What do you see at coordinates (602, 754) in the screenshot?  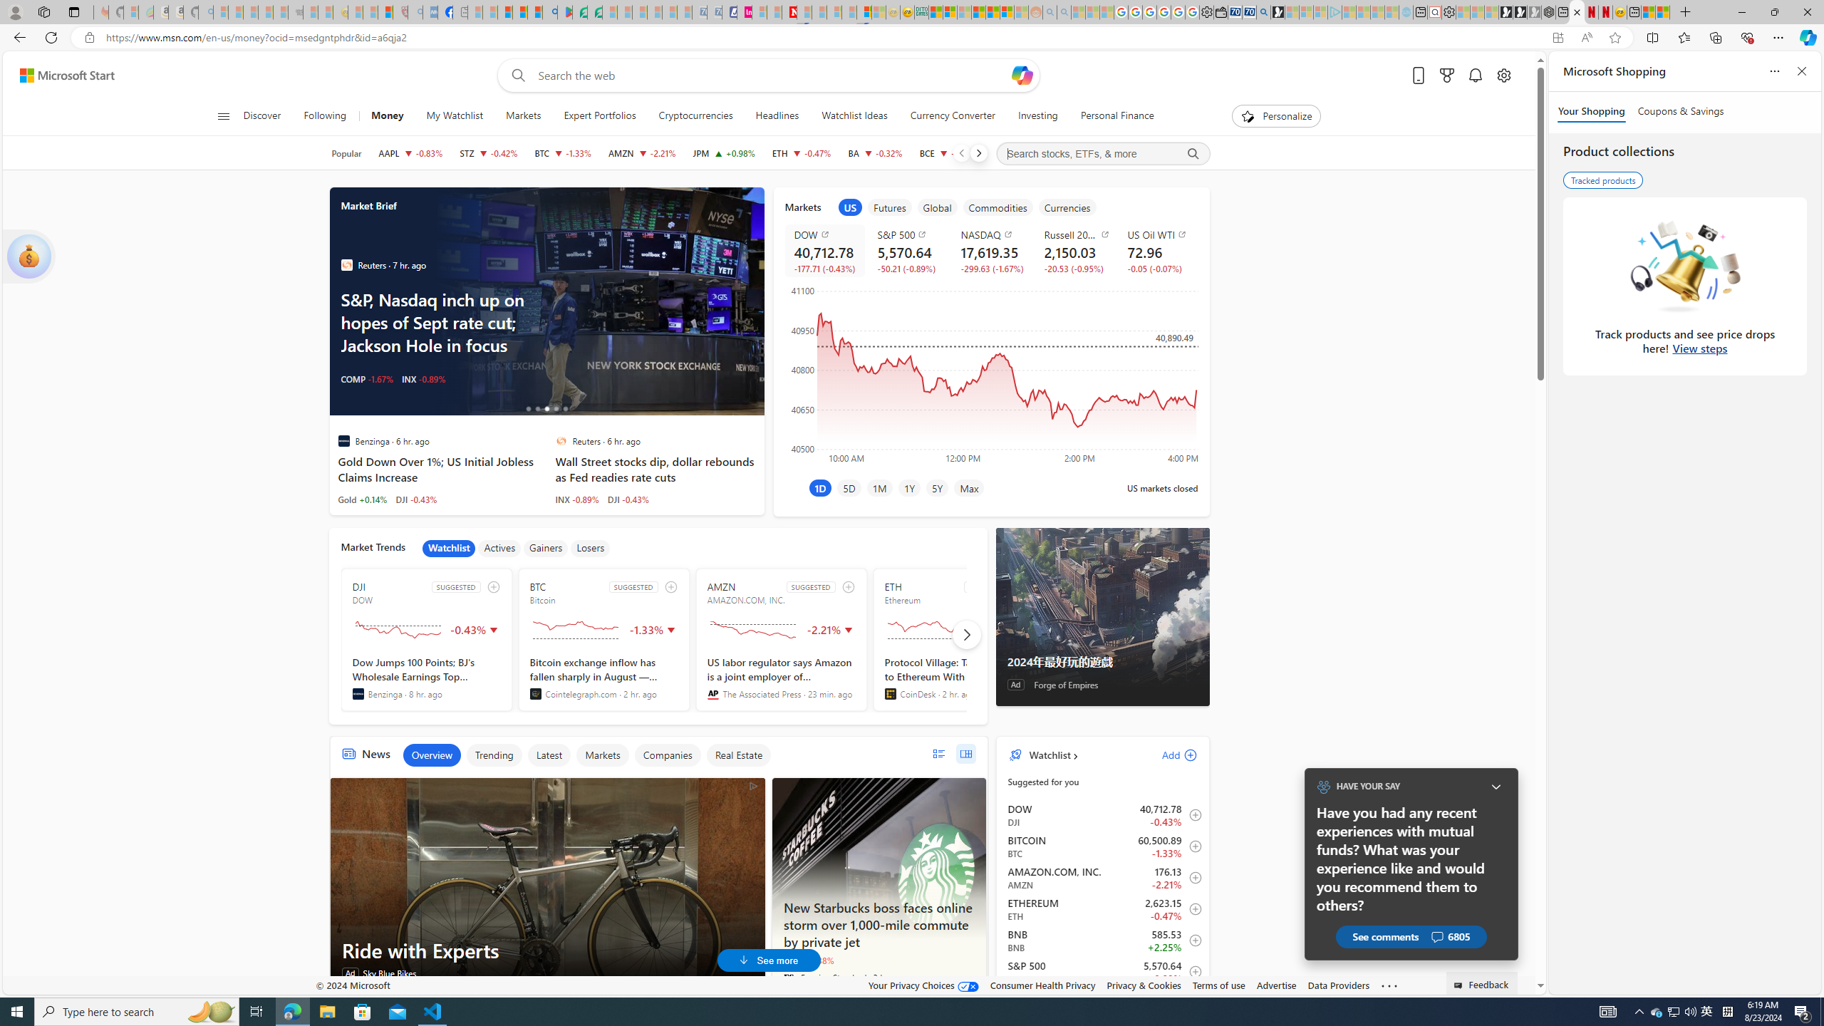 I see `'Markets'` at bounding box center [602, 754].